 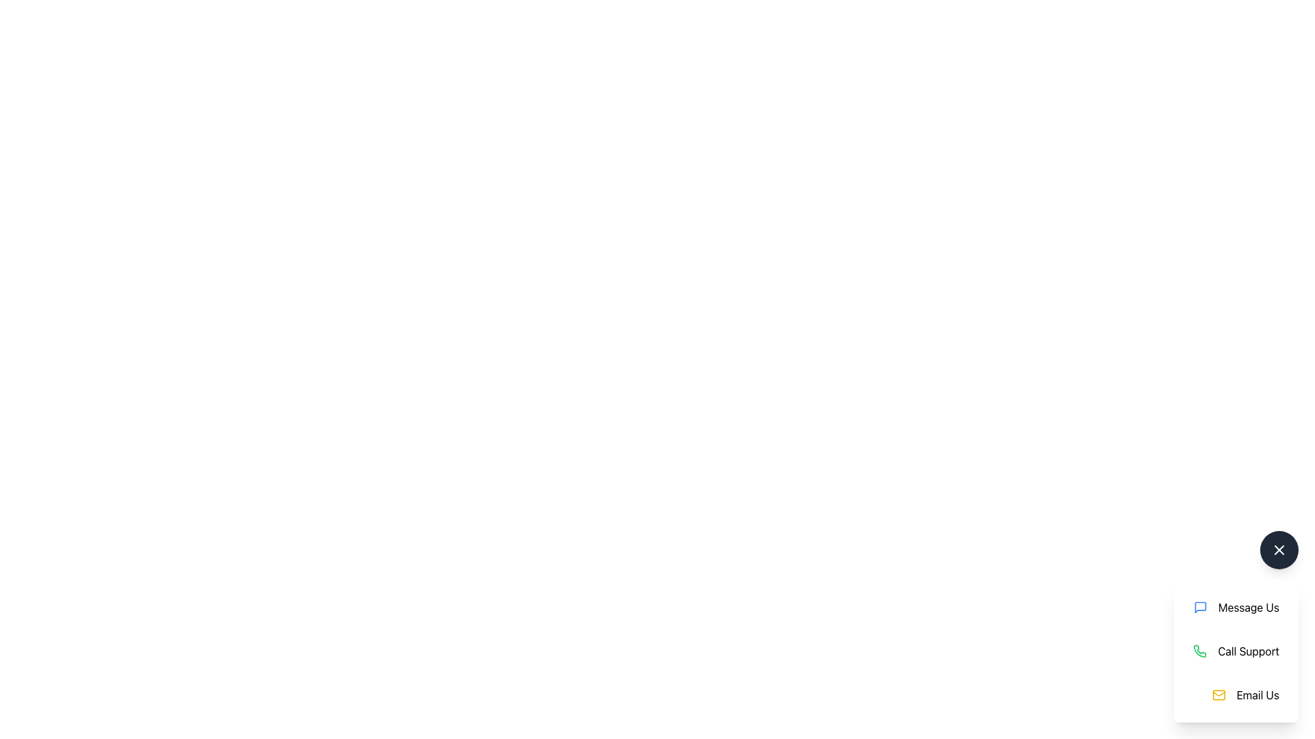 What do you see at coordinates (1236, 651) in the screenshot?
I see `the support button located between 'Message Us' and 'Email Us'` at bounding box center [1236, 651].